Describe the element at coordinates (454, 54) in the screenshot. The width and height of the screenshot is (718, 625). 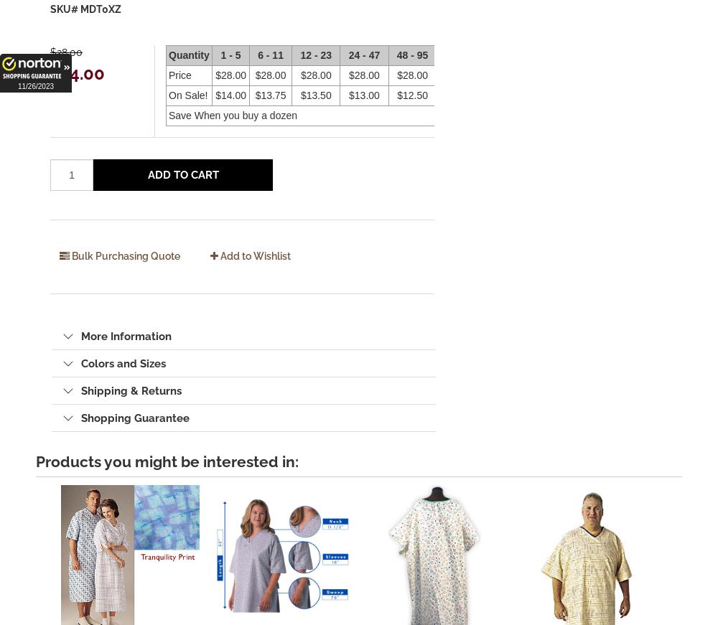
I see `'96+'` at that location.